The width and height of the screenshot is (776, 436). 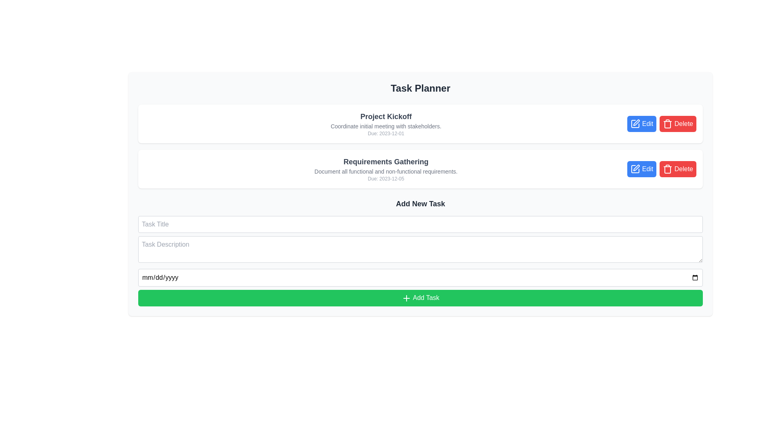 I want to click on the text in the 'Requirements Gathering' Text Content Block, which contains three lines of text including 'Requirements Gathering', 'Document all functional and non-functional requirements.', and 'Due: 2023-12-05', so click(x=386, y=169).